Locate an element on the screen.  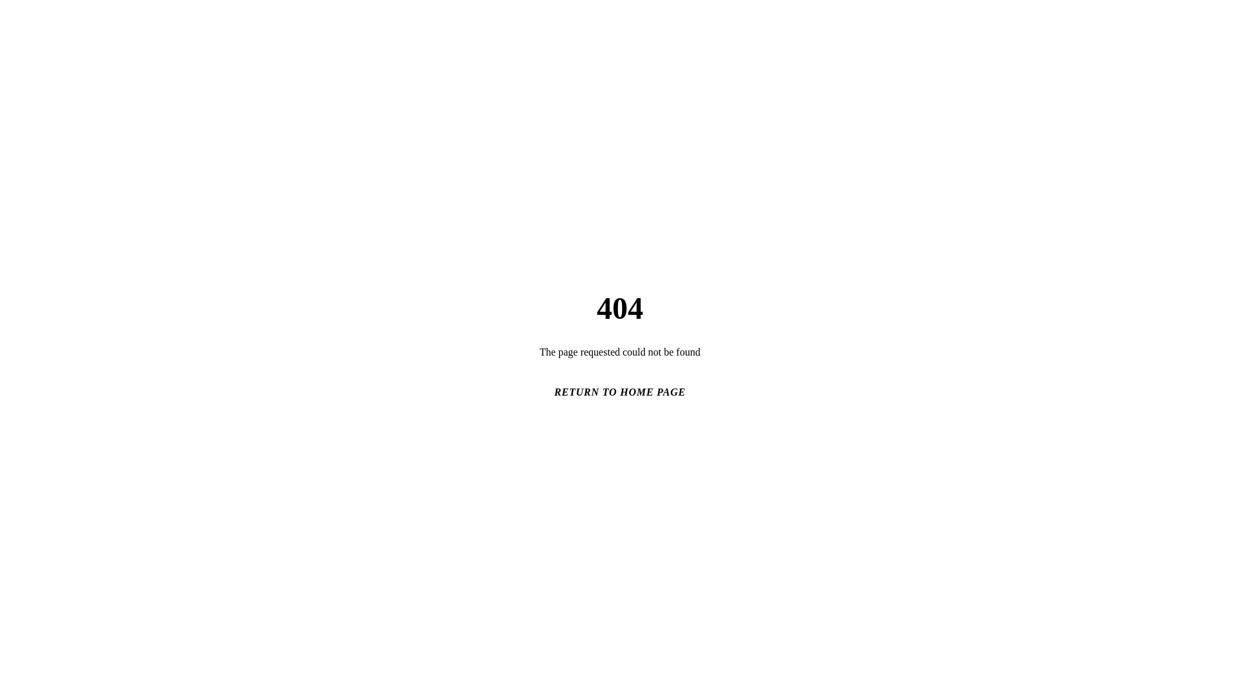
'RETURN TO HOME PAGE' is located at coordinates (620, 392).